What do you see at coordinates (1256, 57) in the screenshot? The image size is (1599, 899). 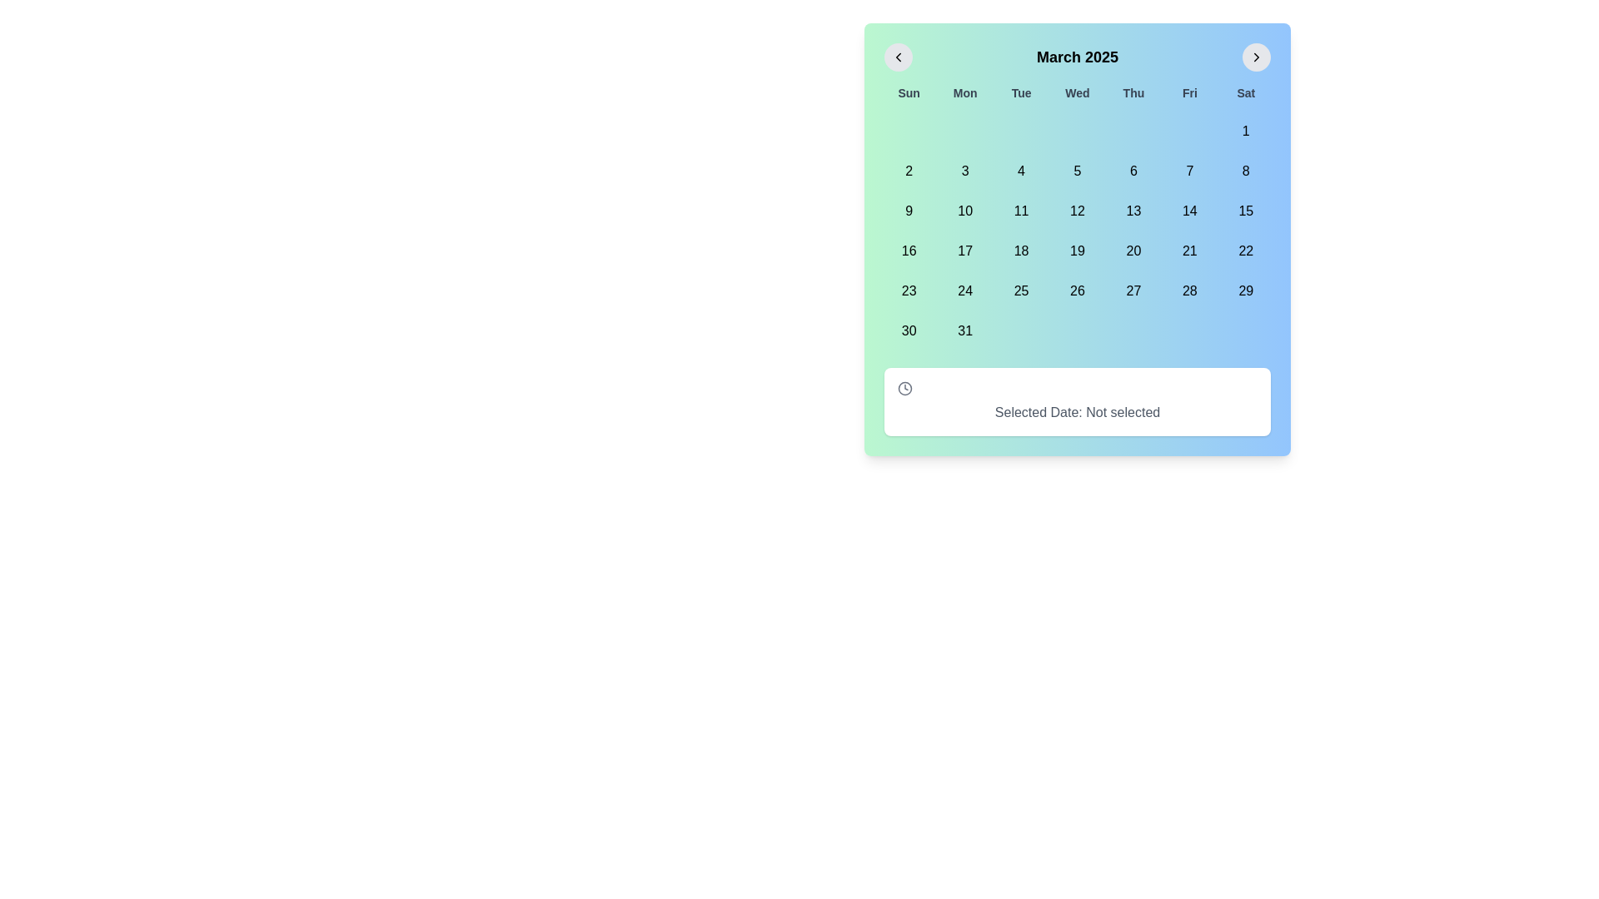 I see `the circular button with a light gray background and a right-facing chevron icon` at bounding box center [1256, 57].